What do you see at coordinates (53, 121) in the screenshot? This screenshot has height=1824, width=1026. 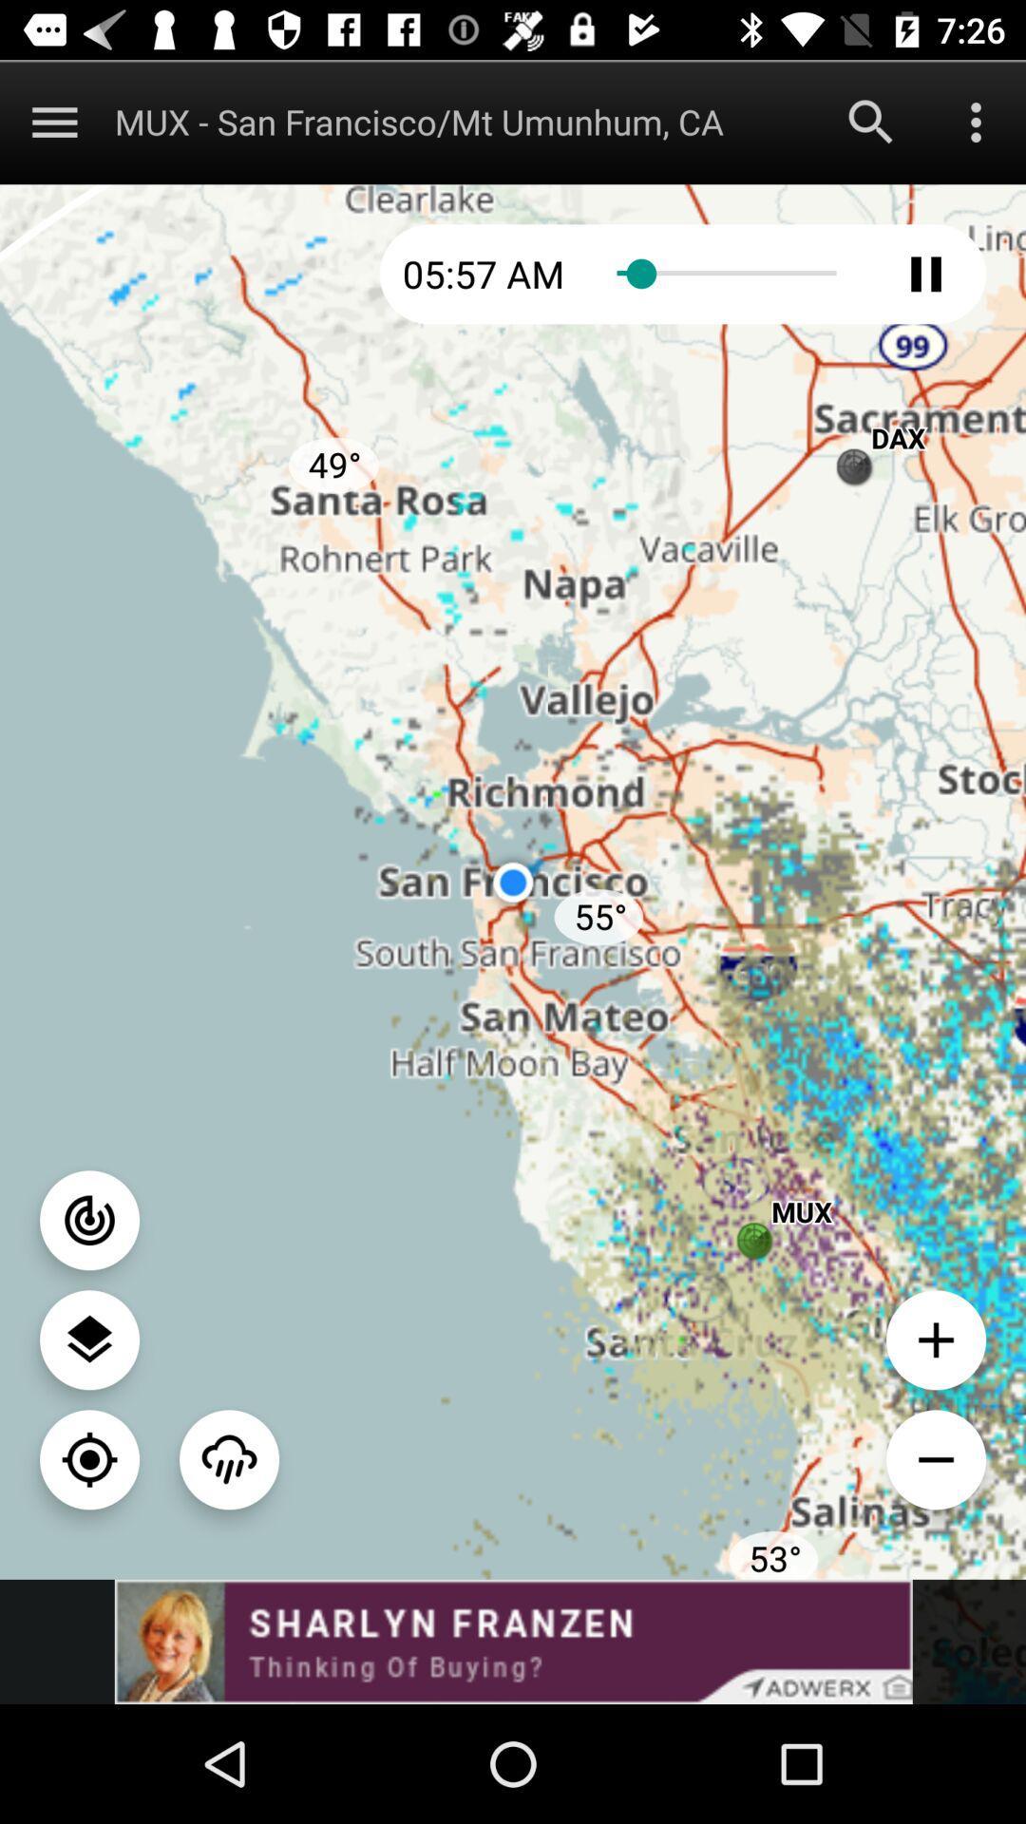 I see `menu` at bounding box center [53, 121].